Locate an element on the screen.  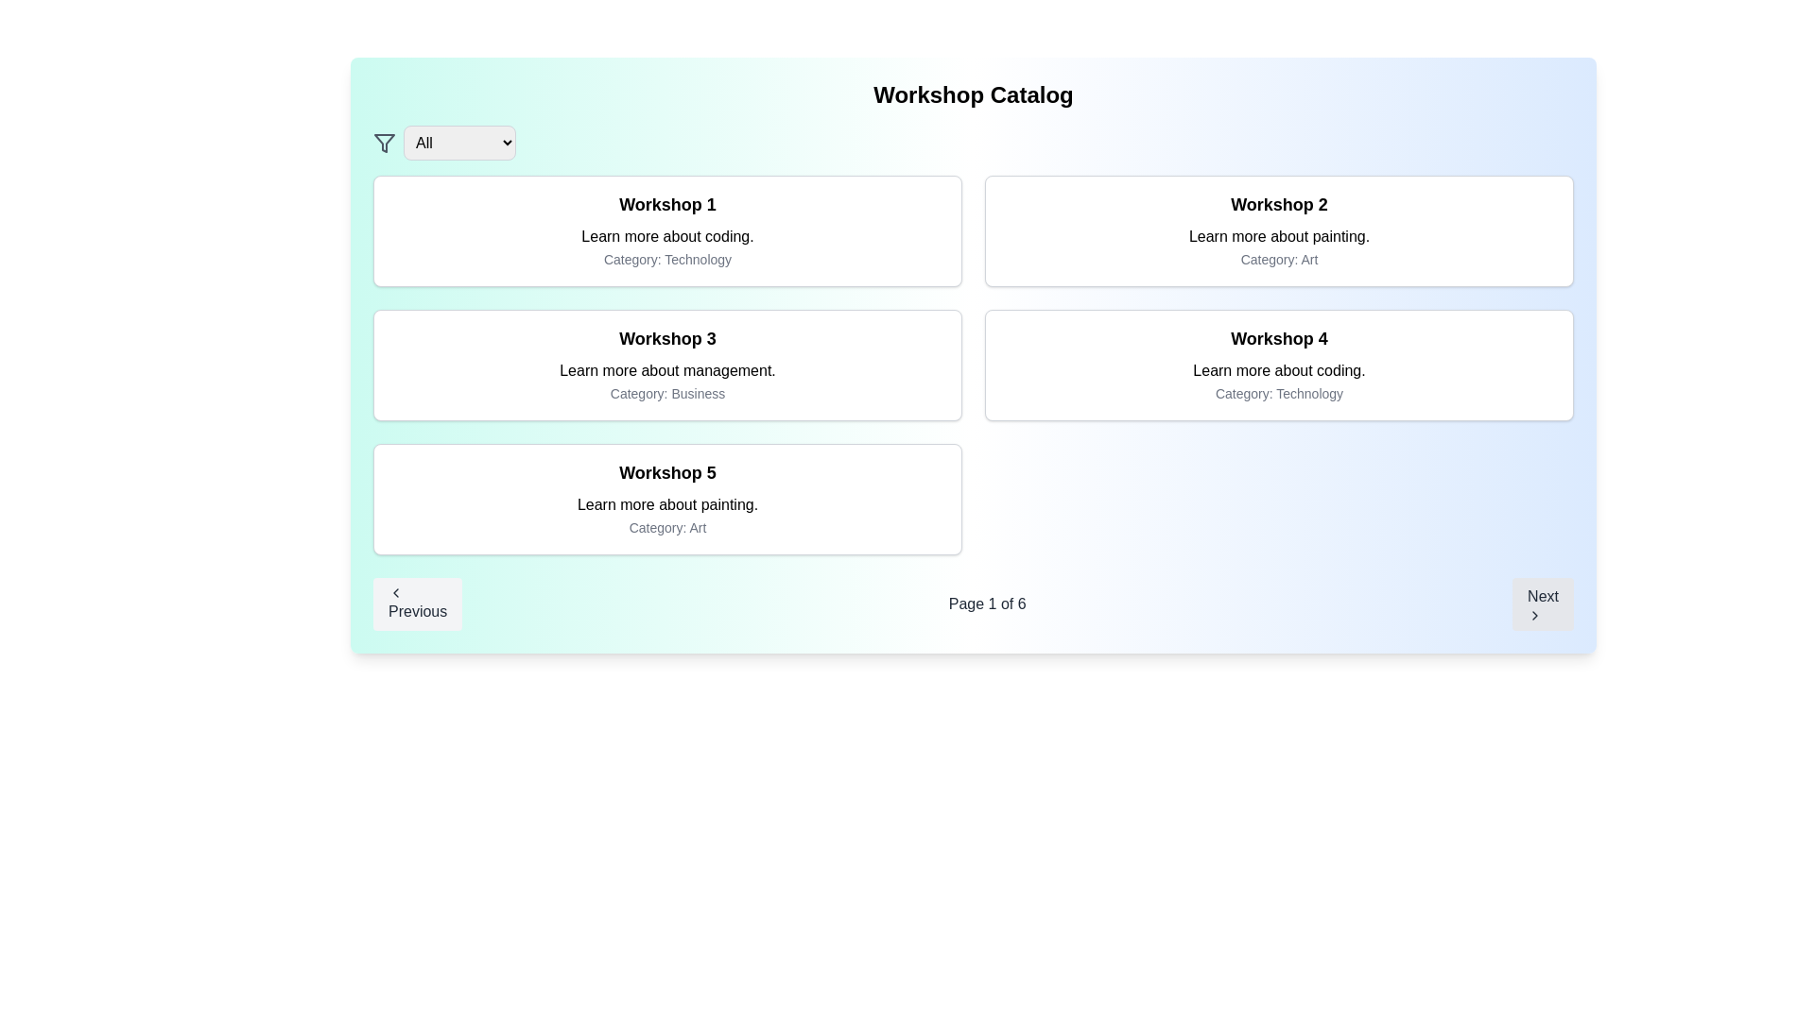
the small filter icon resembling an inverted triangle funnel, which is located to the left of the dropdown labeled 'All' is located at coordinates (384, 142).